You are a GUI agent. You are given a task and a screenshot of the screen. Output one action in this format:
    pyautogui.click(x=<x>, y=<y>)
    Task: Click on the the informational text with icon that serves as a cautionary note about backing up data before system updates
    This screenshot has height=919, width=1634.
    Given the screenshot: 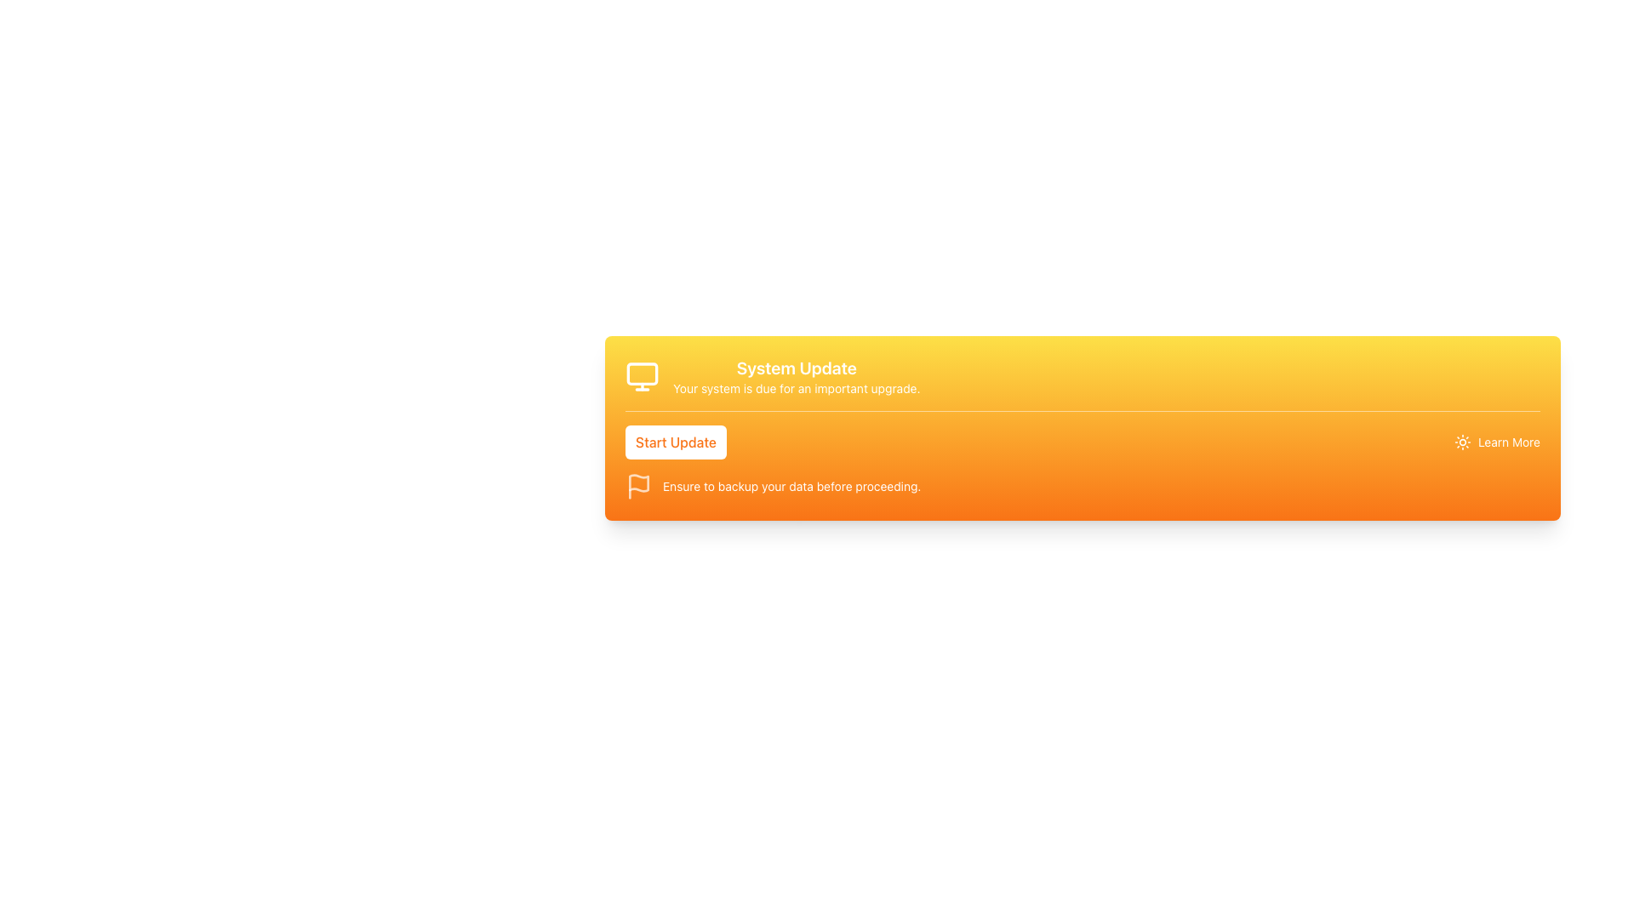 What is the action you would take?
    pyautogui.click(x=772, y=486)
    